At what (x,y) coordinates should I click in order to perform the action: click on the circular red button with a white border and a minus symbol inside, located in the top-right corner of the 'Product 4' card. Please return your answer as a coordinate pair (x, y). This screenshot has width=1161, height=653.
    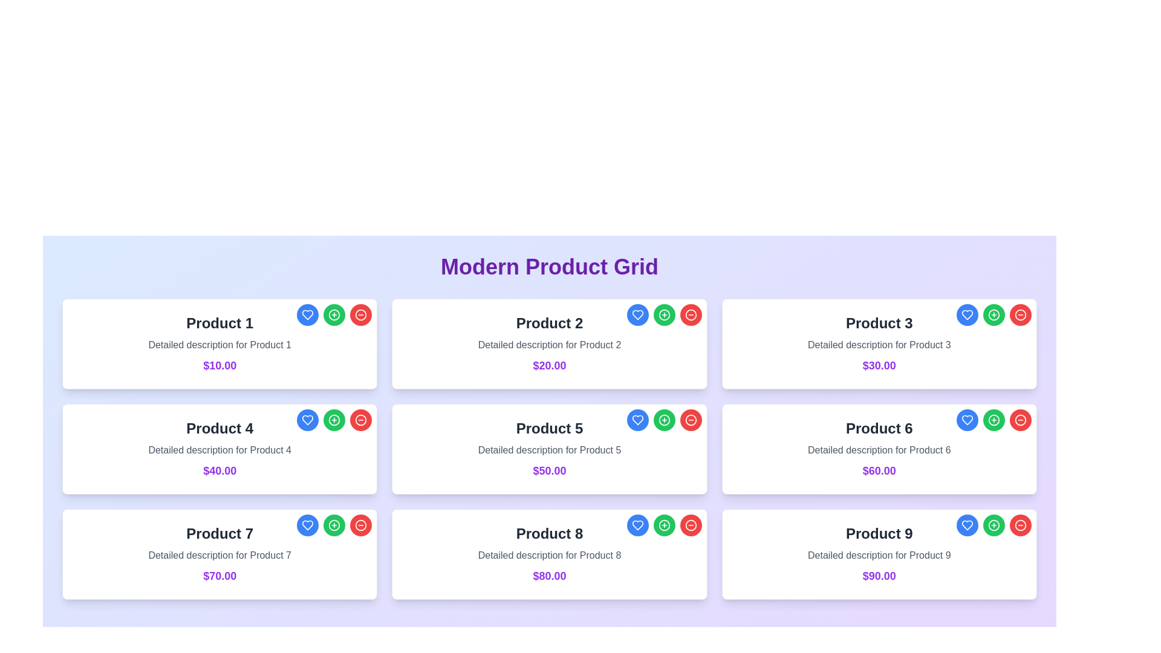
    Looking at the image, I should click on (360, 419).